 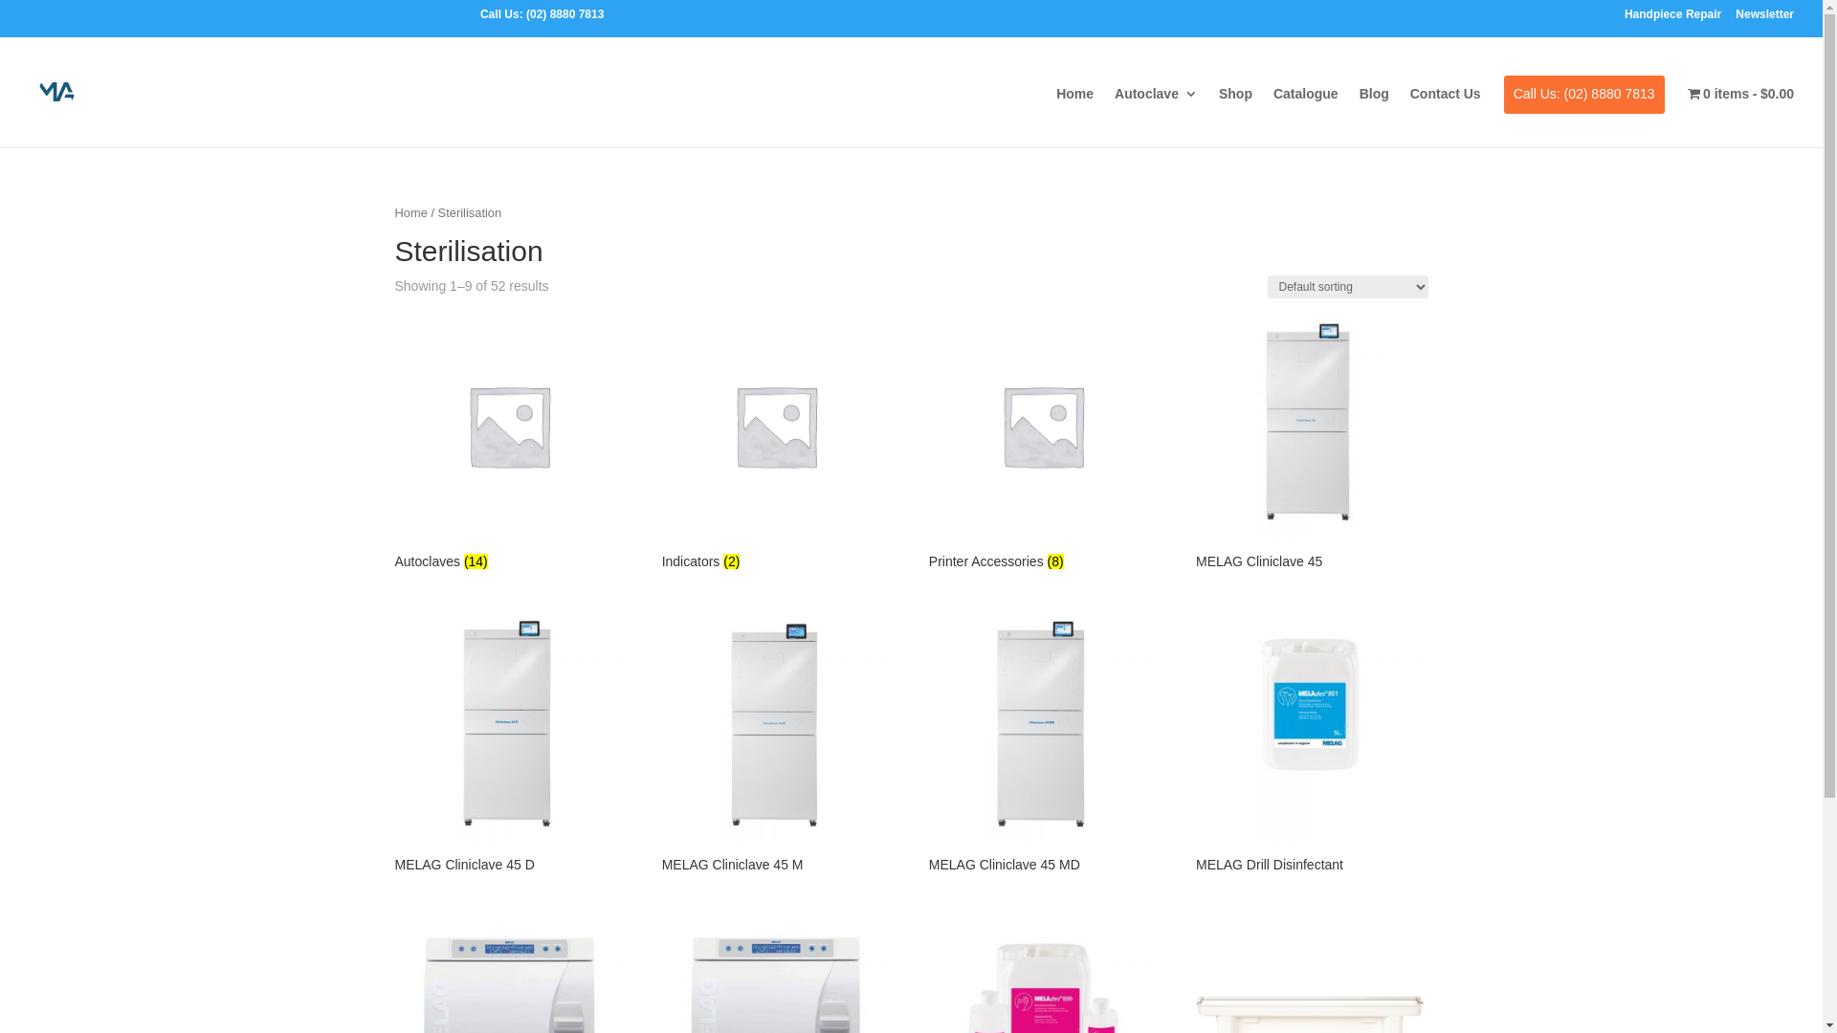 What do you see at coordinates (1074, 109) in the screenshot?
I see `'Home'` at bounding box center [1074, 109].